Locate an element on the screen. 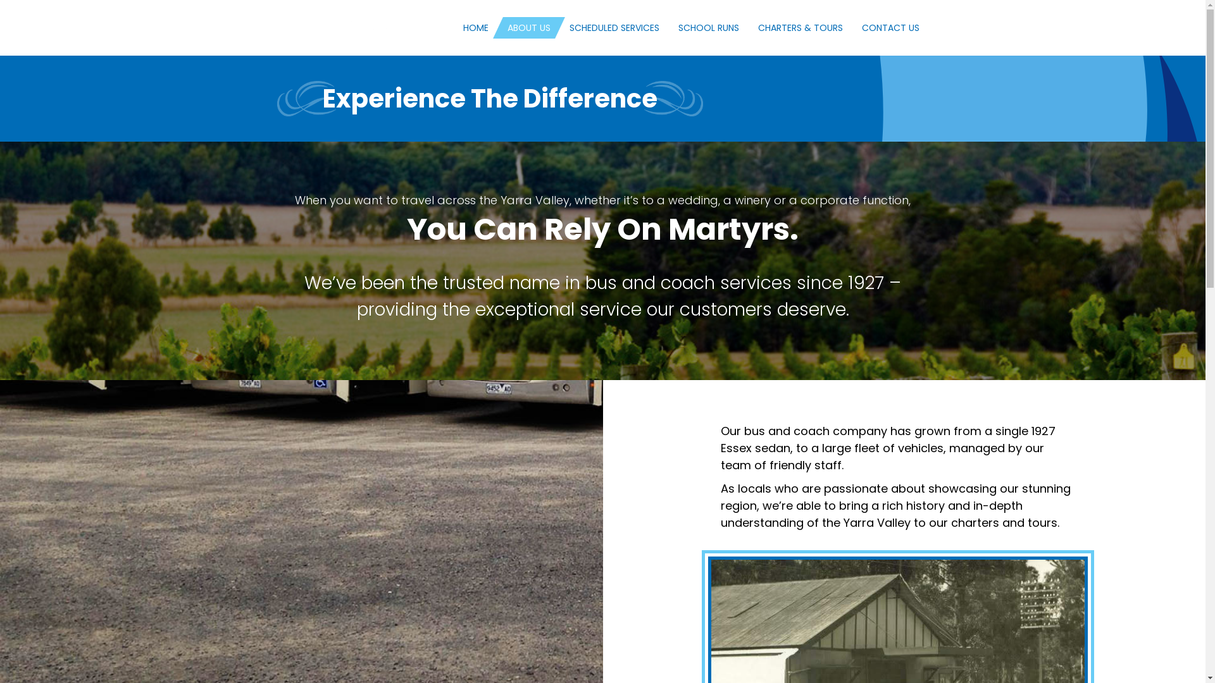  'HOME' is located at coordinates (470, 27).